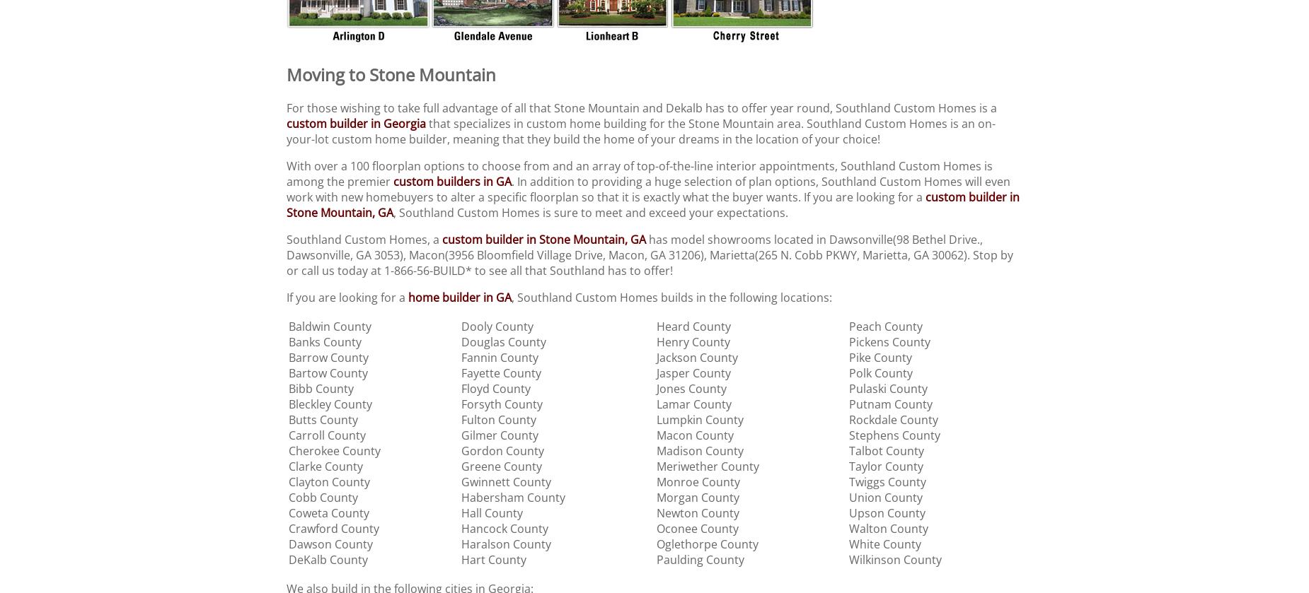  Describe the element at coordinates (692, 341) in the screenshot. I see `'Henry County'` at that location.